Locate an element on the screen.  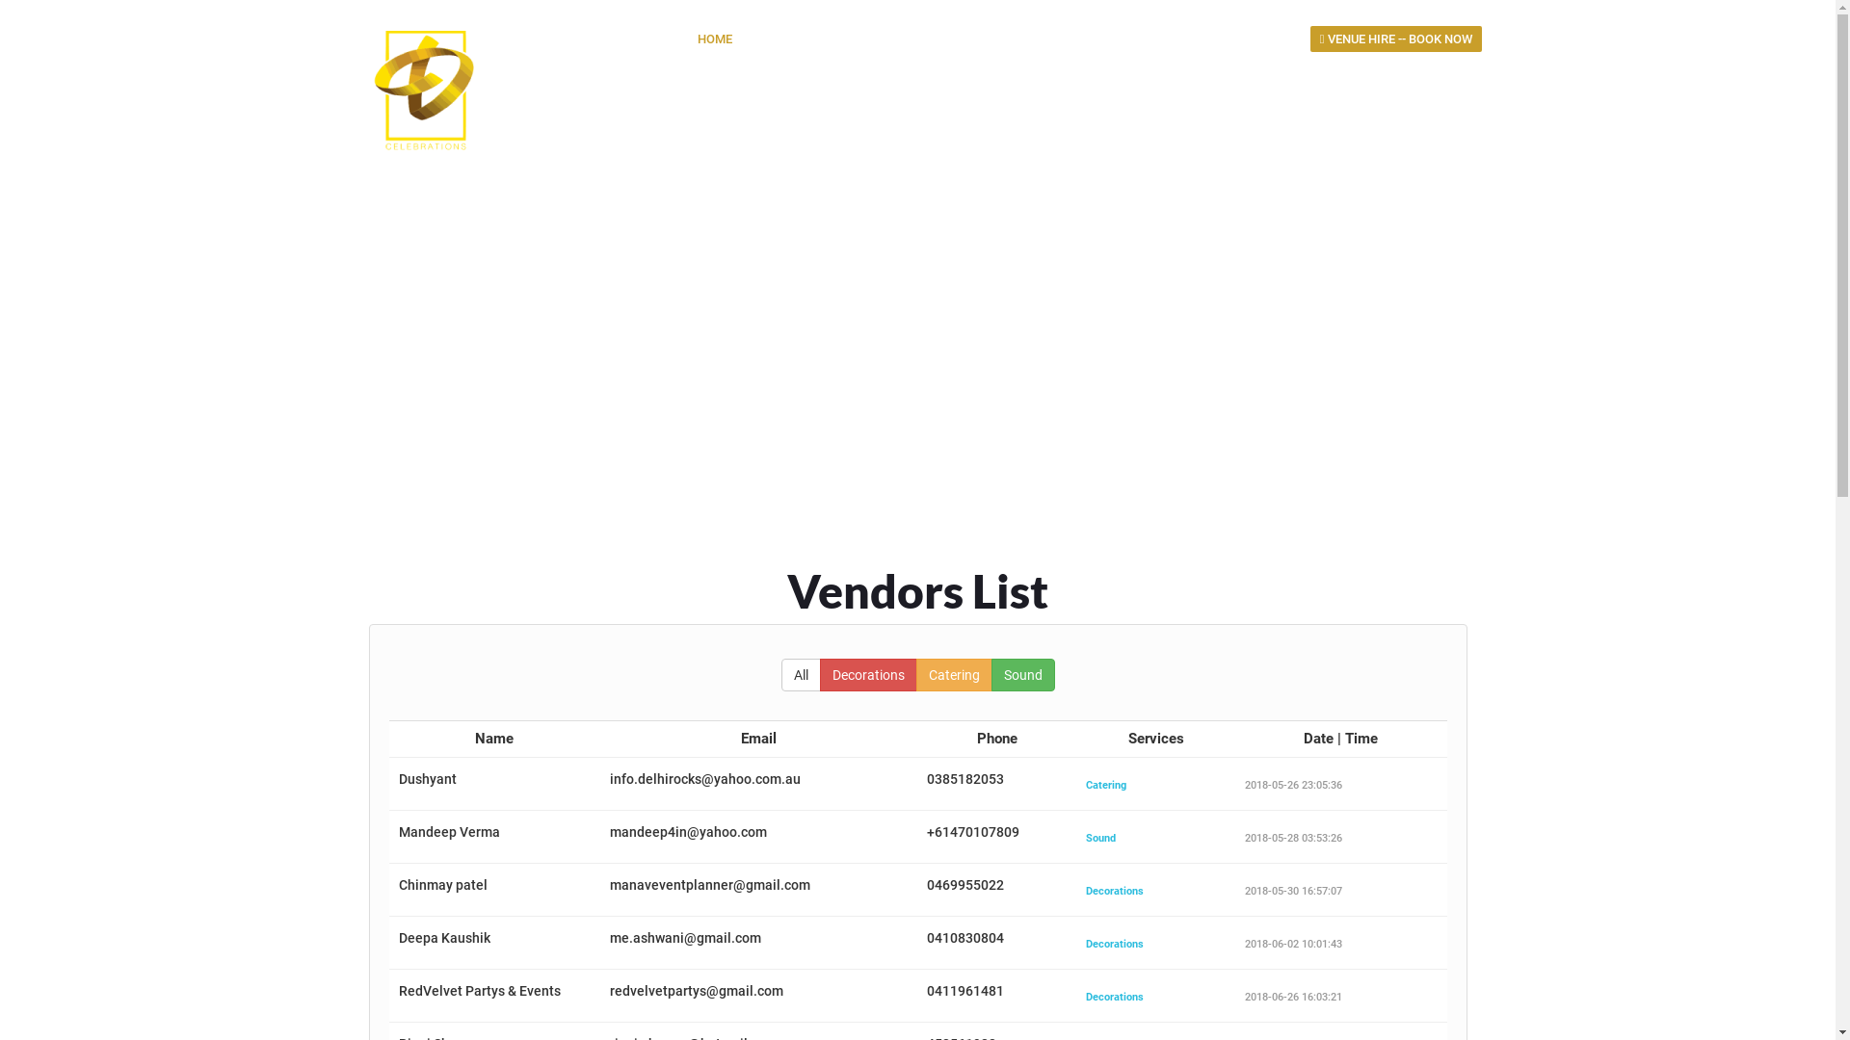
'Catering' is located at coordinates (953, 674).